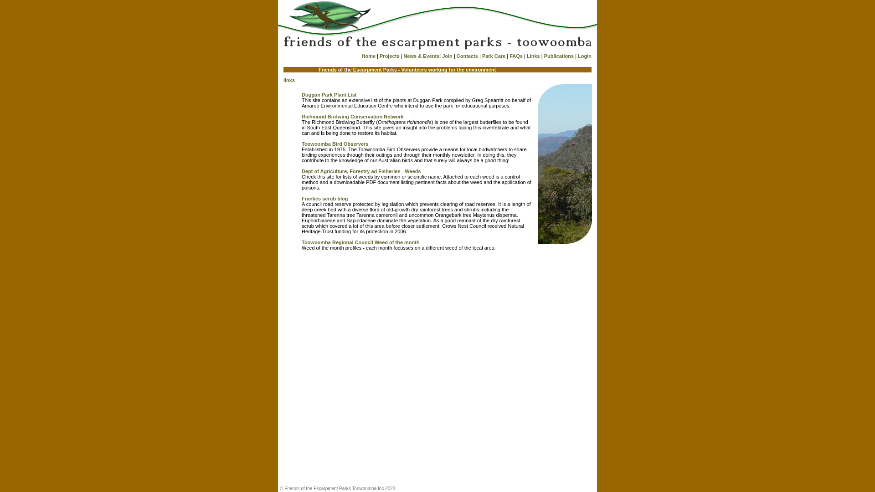 Image resolution: width=875 pixels, height=492 pixels. Describe the element at coordinates (389, 56) in the screenshot. I see `'Projects'` at that location.